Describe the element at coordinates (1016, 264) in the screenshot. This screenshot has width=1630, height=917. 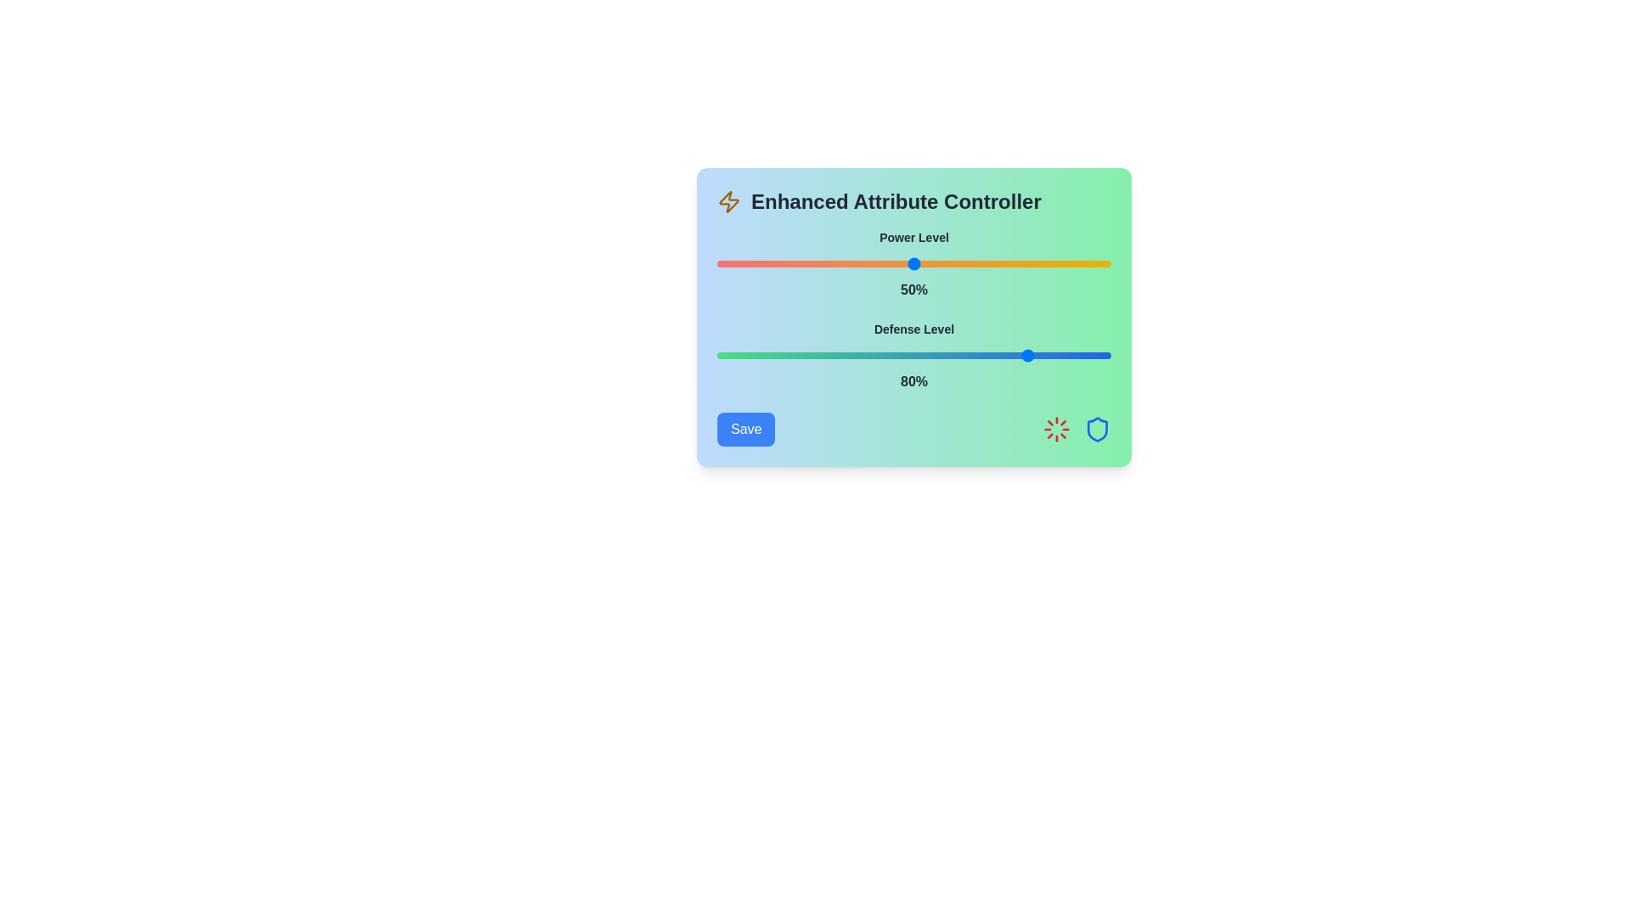
I see `the Power Level slider to 76%` at that location.